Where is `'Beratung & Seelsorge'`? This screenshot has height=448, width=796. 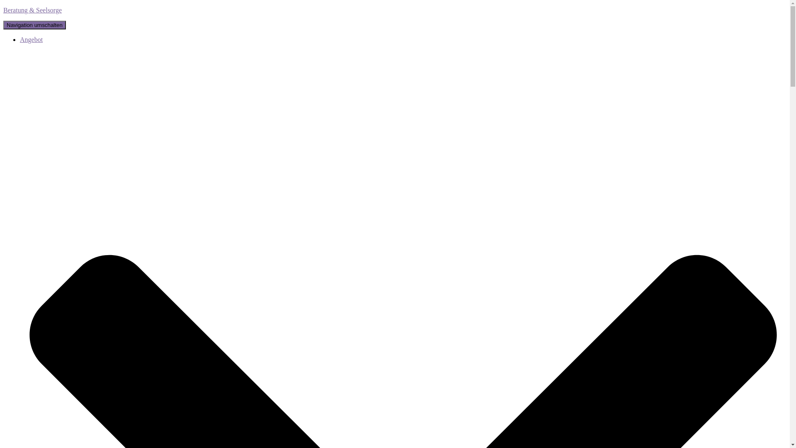
'Beratung & Seelsorge' is located at coordinates (3, 10).